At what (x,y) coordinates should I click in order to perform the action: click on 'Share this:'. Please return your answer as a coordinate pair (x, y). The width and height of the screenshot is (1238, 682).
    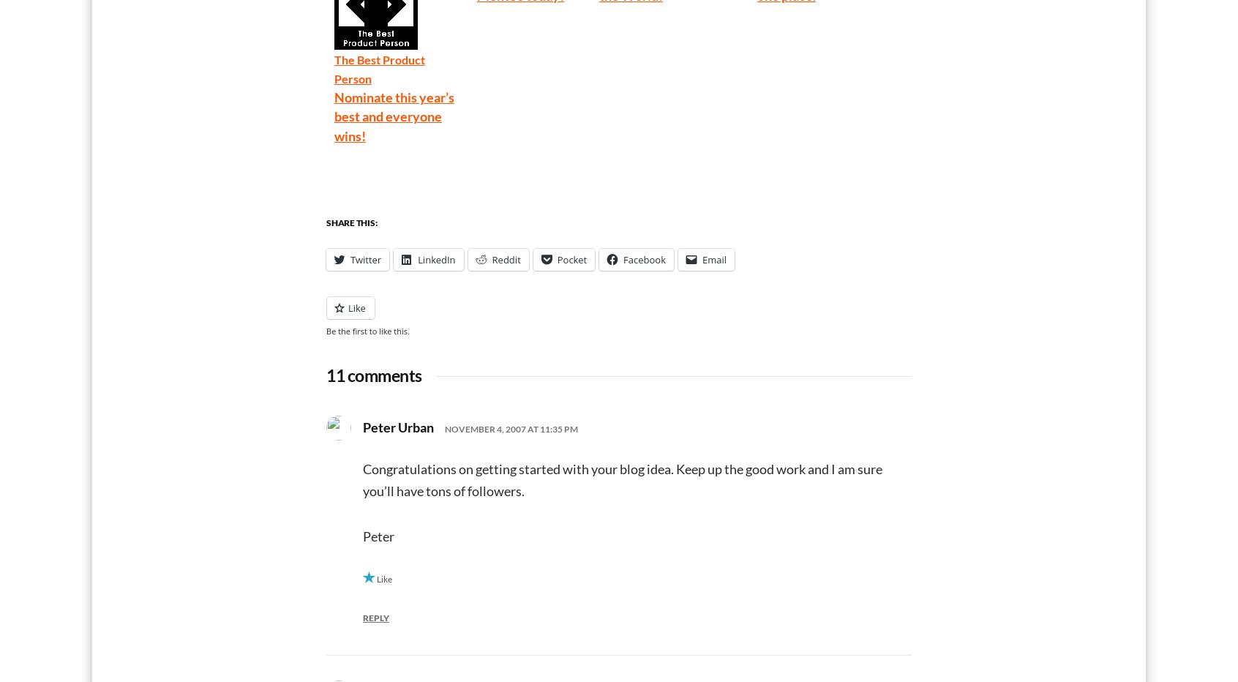
    Looking at the image, I should click on (350, 222).